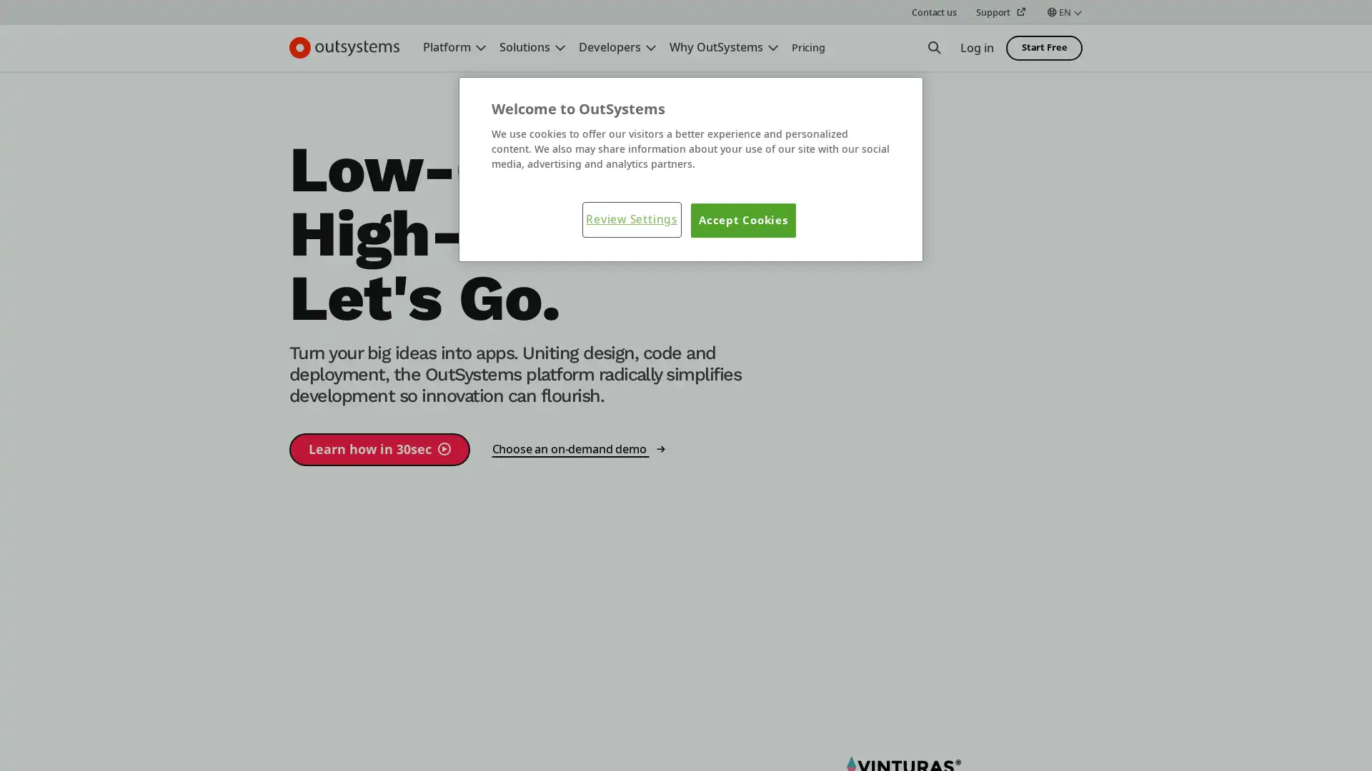 This screenshot has height=771, width=1372. Describe the element at coordinates (379, 448) in the screenshot. I see `Learn how in 30sec` at that location.